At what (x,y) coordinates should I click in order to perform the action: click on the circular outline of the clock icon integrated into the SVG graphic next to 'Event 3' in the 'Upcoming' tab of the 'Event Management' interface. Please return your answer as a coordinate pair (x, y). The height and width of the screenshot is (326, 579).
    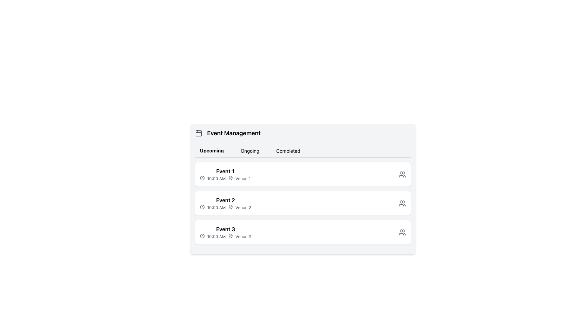
    Looking at the image, I should click on (202, 236).